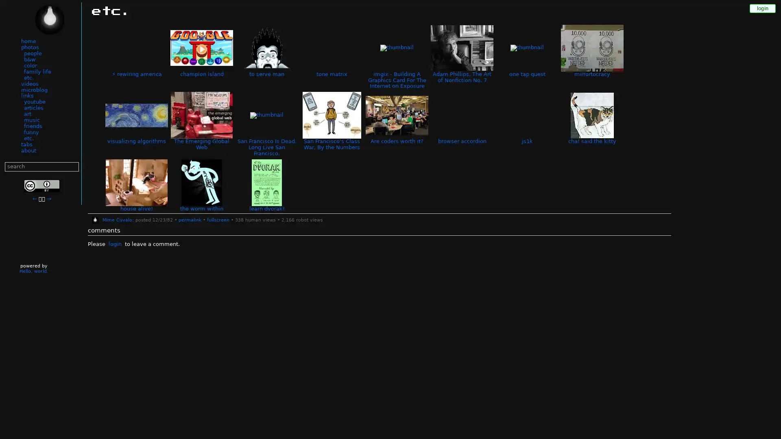 The height and width of the screenshot is (439, 781). Describe the element at coordinates (762, 8) in the screenshot. I see `login` at that location.